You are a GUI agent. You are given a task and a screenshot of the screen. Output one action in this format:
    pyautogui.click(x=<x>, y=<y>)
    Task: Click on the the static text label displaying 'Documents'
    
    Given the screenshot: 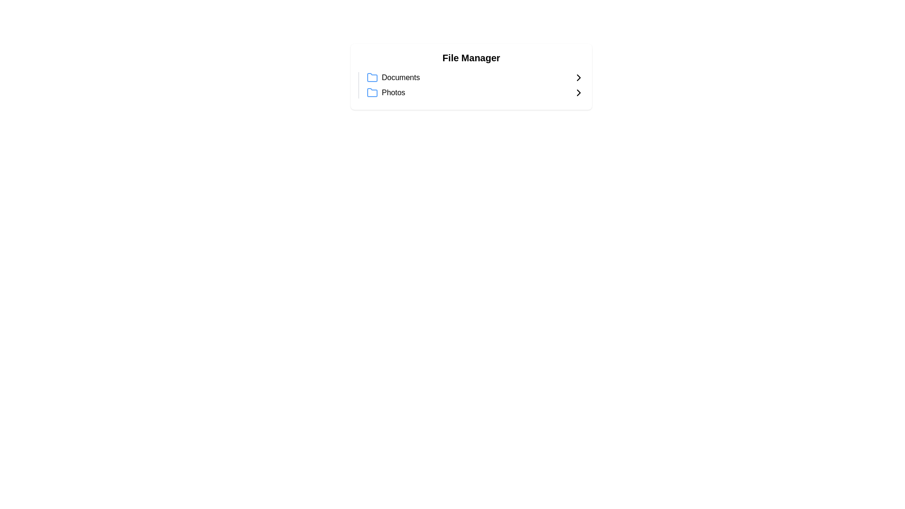 What is the action you would take?
    pyautogui.click(x=401, y=77)
    